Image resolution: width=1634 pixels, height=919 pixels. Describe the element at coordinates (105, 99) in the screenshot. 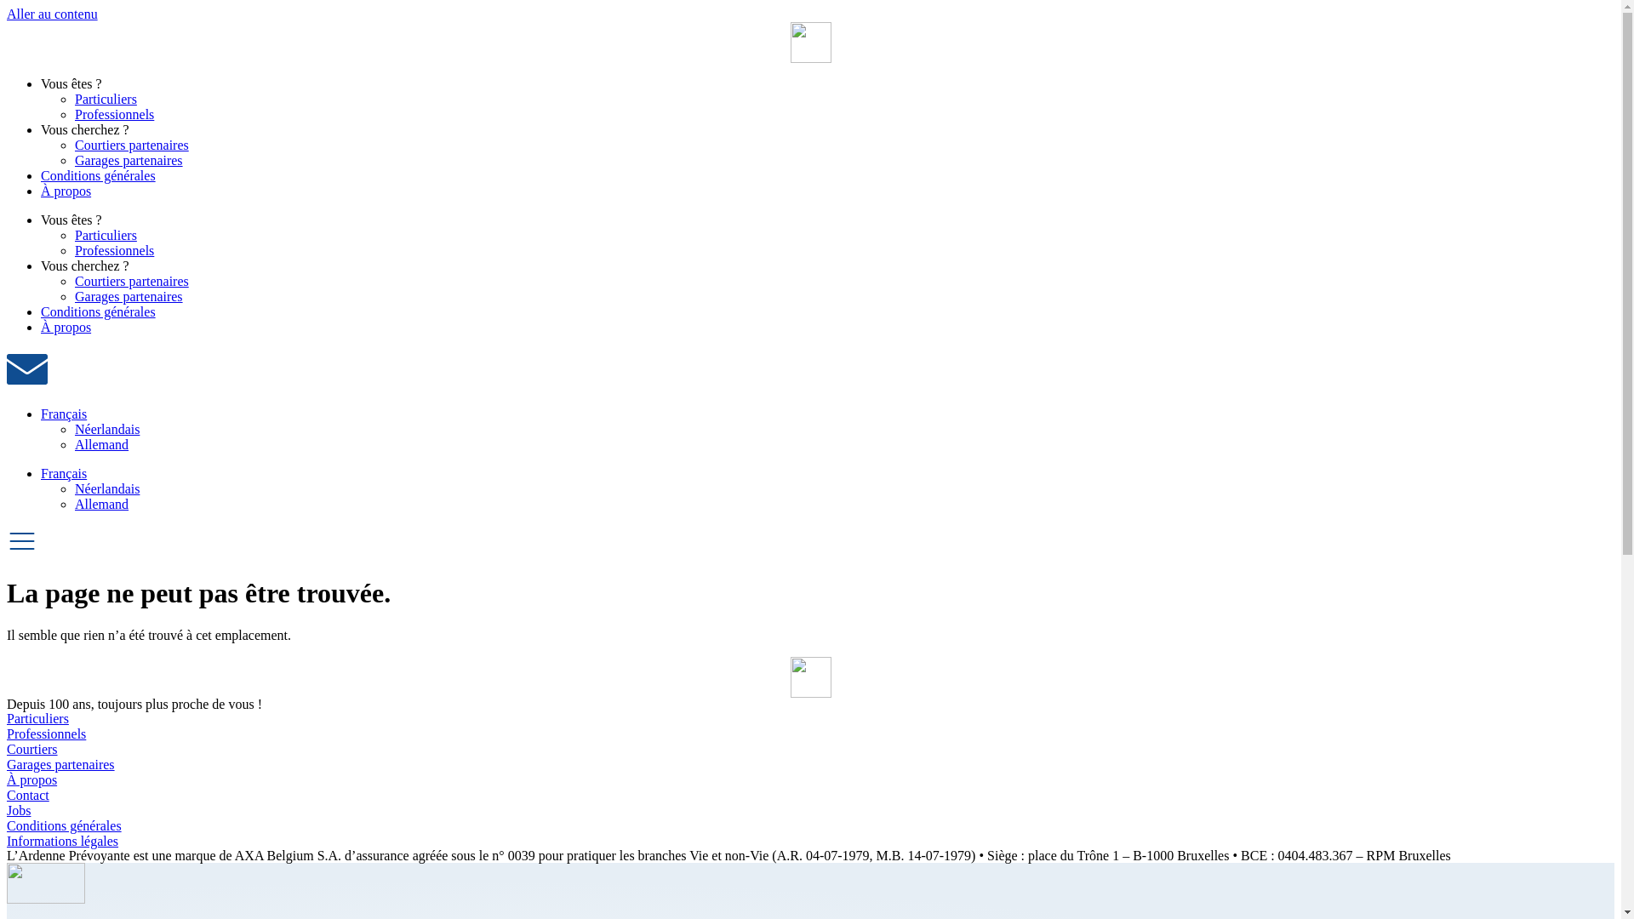

I see `'Particuliers'` at that location.